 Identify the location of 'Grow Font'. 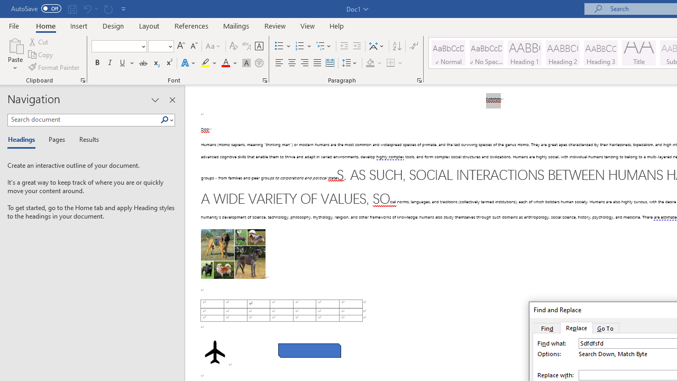
(181, 46).